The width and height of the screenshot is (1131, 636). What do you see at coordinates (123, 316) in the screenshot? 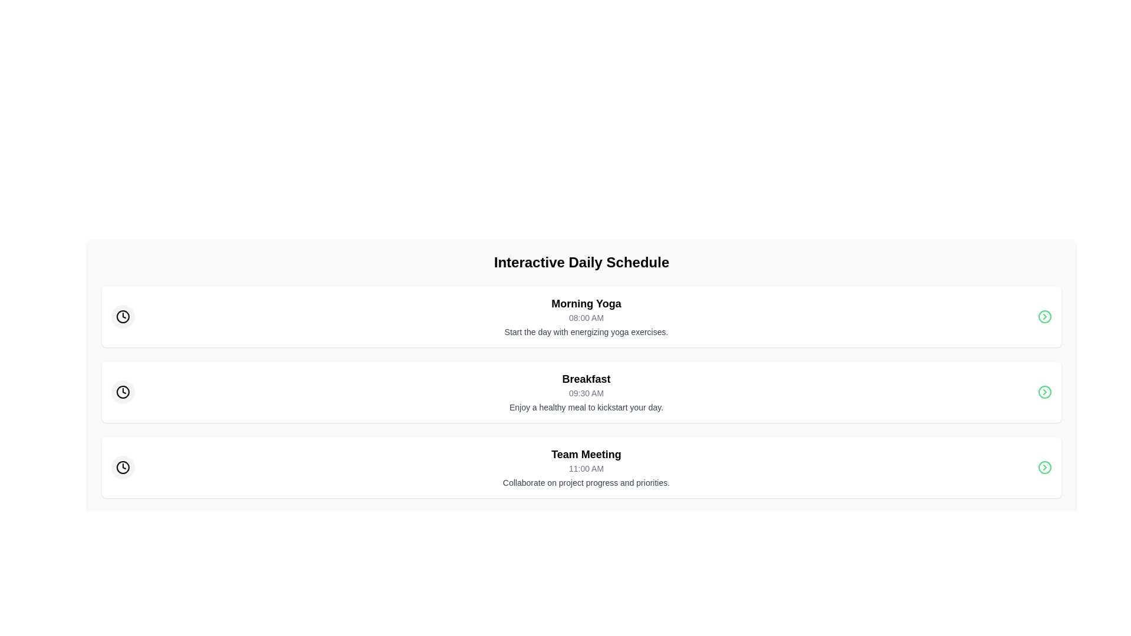
I see `the circular icon with a light gray background and black clock symbol located at the top-left corner of the 'Morning Yoga' entry in the interactive daily schedule card` at bounding box center [123, 316].